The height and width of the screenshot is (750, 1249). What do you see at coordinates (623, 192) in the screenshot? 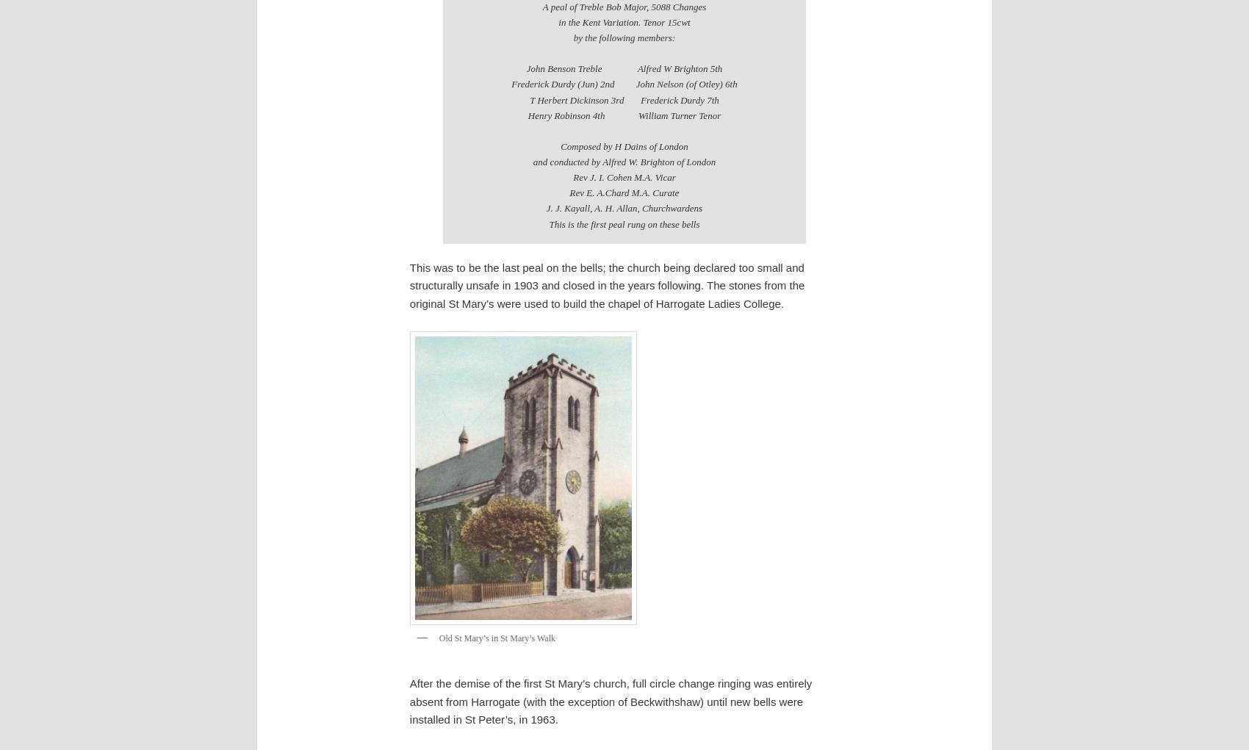
I see `'Rev E. A.Chard M.A. Curate'` at bounding box center [623, 192].